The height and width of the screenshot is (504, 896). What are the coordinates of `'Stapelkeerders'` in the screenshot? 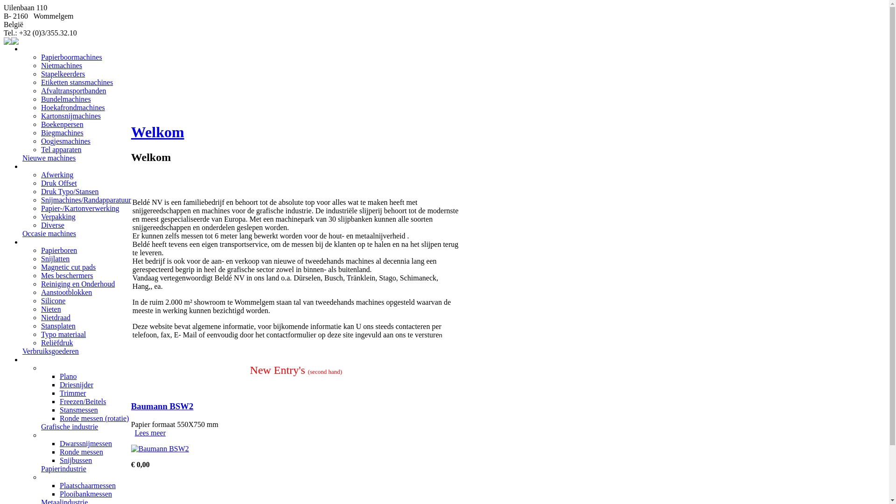 It's located at (62, 73).